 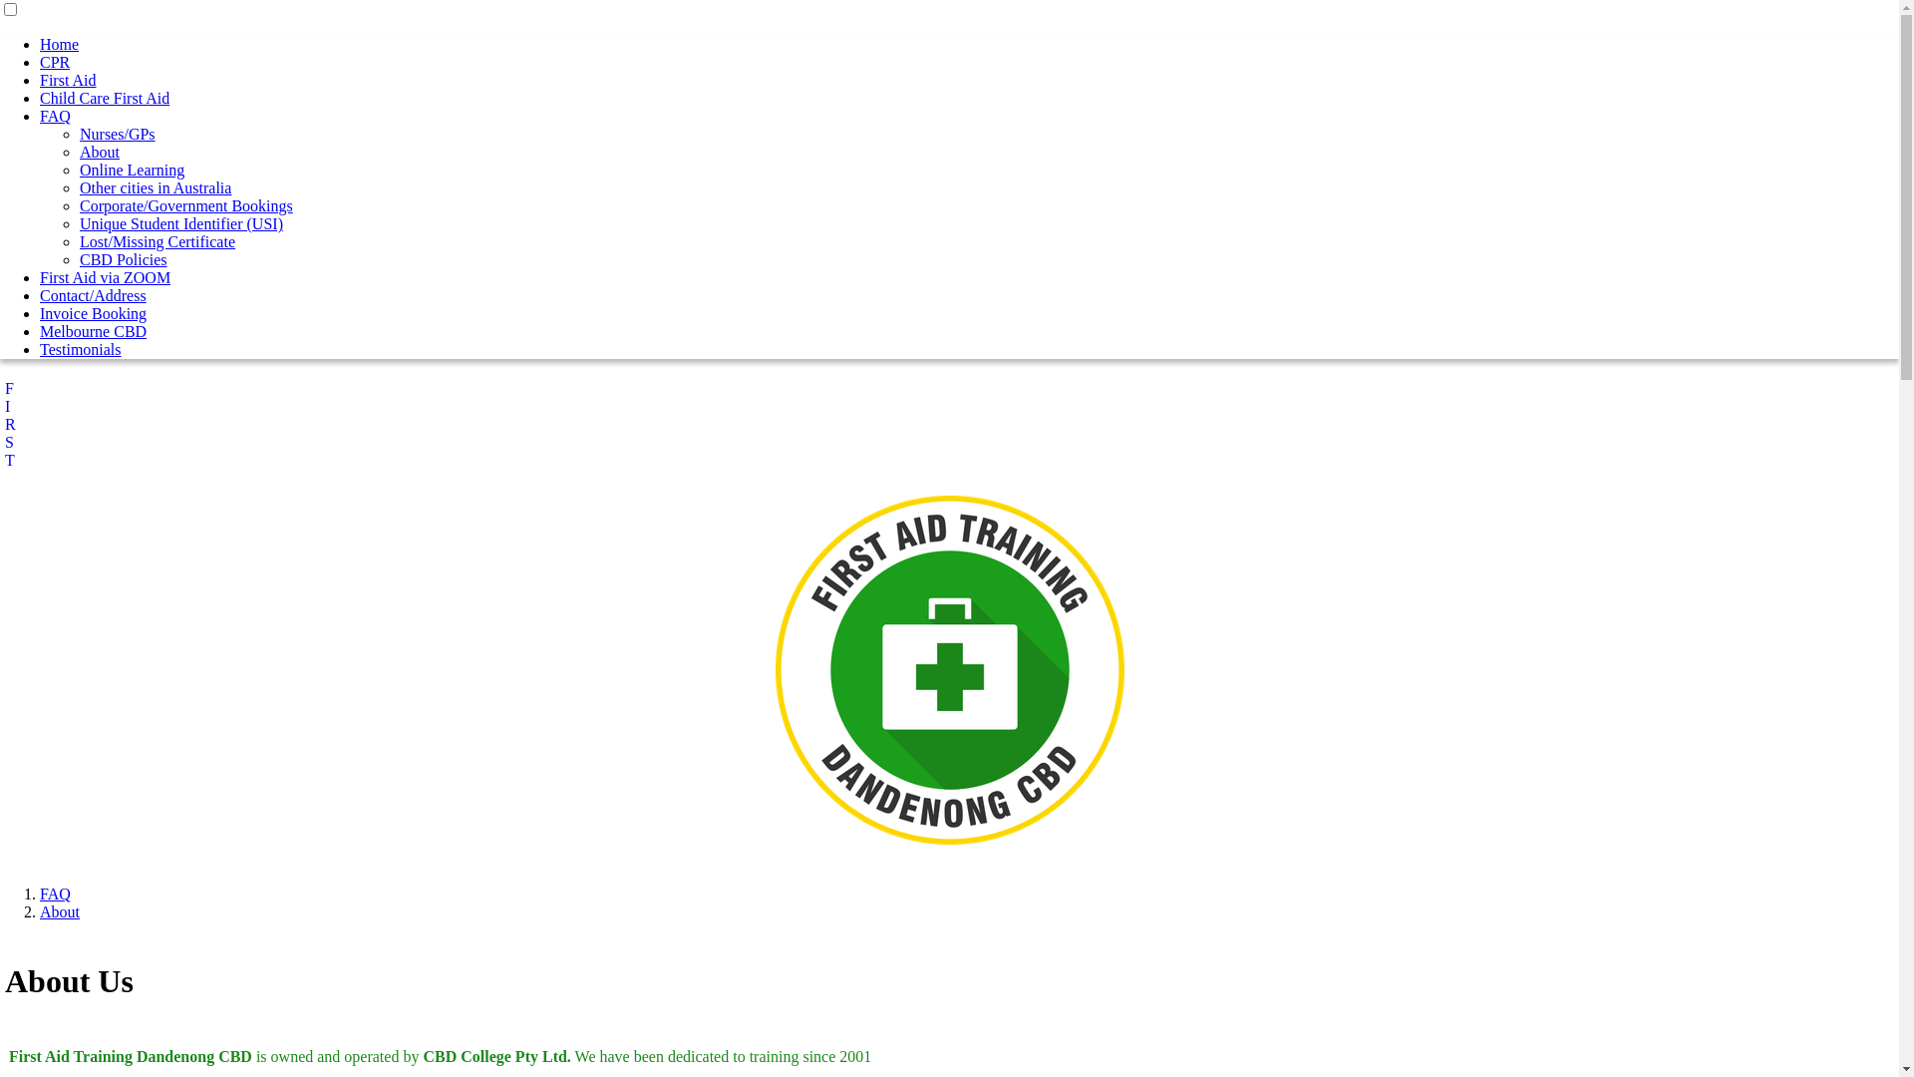 What do you see at coordinates (80, 258) in the screenshot?
I see `'CBD Policies'` at bounding box center [80, 258].